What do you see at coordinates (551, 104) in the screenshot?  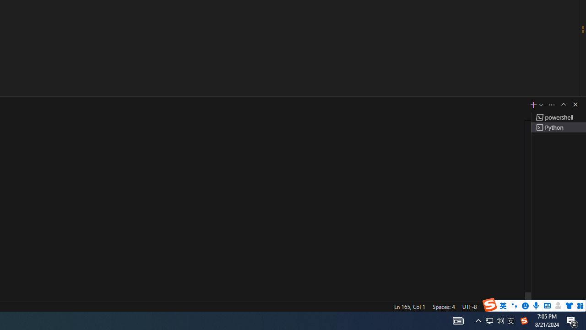 I see `'Views and More Actions...'` at bounding box center [551, 104].